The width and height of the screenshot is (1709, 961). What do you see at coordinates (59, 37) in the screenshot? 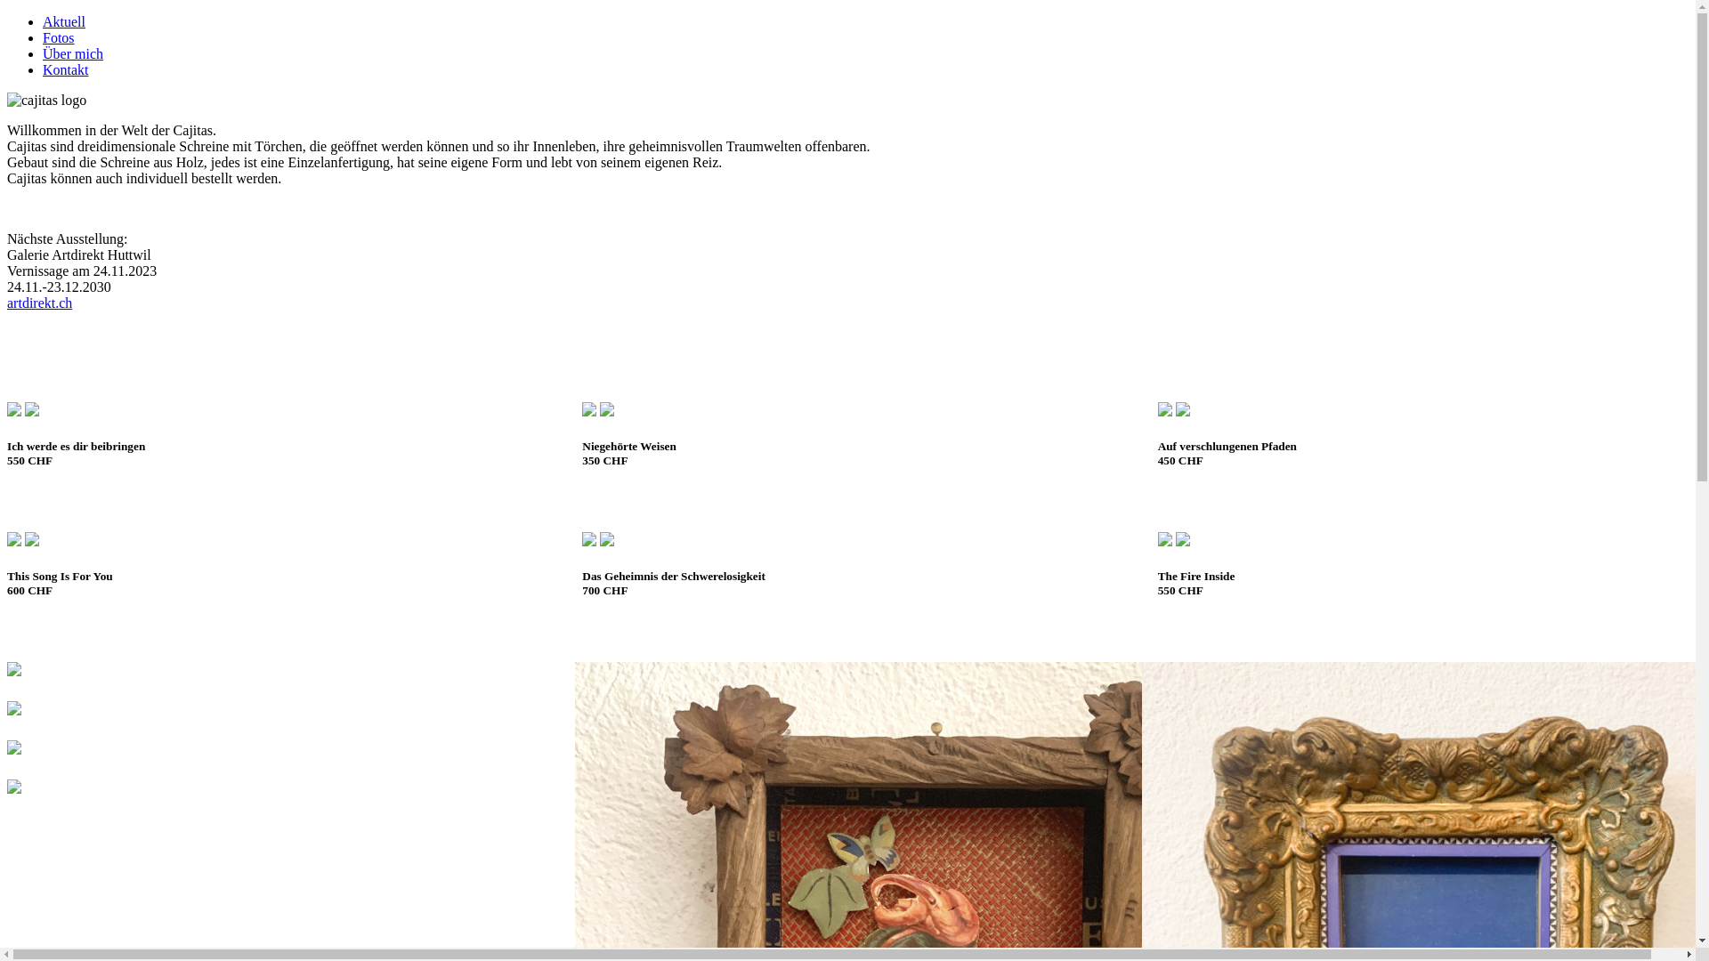
I see `'Fotos'` at bounding box center [59, 37].